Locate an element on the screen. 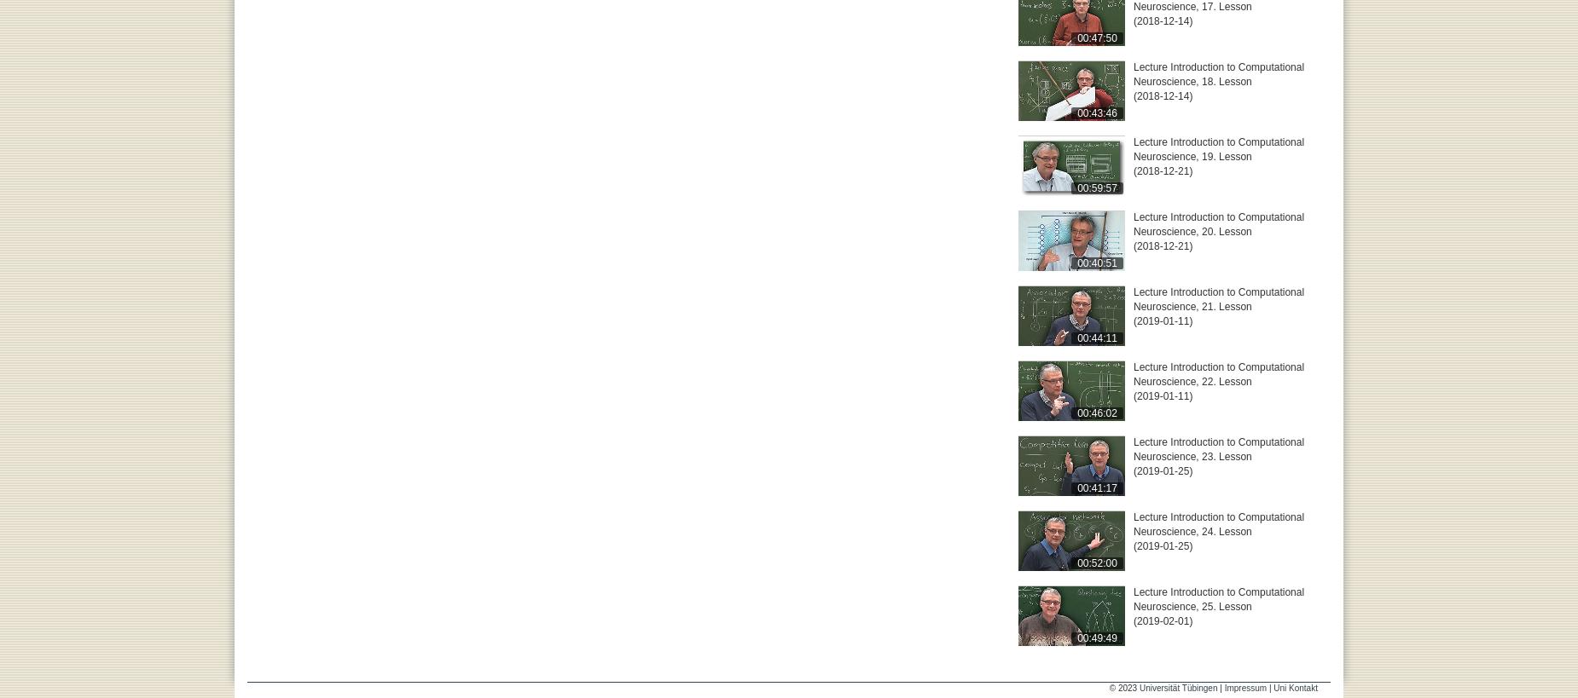 The image size is (1578, 698). 'Lecture Introduction to Computational Neuroscience, 23. Lesson' is located at coordinates (1218, 448).